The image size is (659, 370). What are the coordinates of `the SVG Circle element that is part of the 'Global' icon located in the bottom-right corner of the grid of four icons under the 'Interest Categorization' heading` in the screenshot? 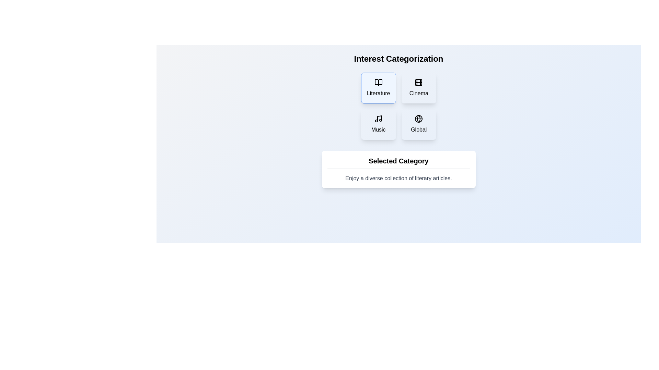 It's located at (418, 119).